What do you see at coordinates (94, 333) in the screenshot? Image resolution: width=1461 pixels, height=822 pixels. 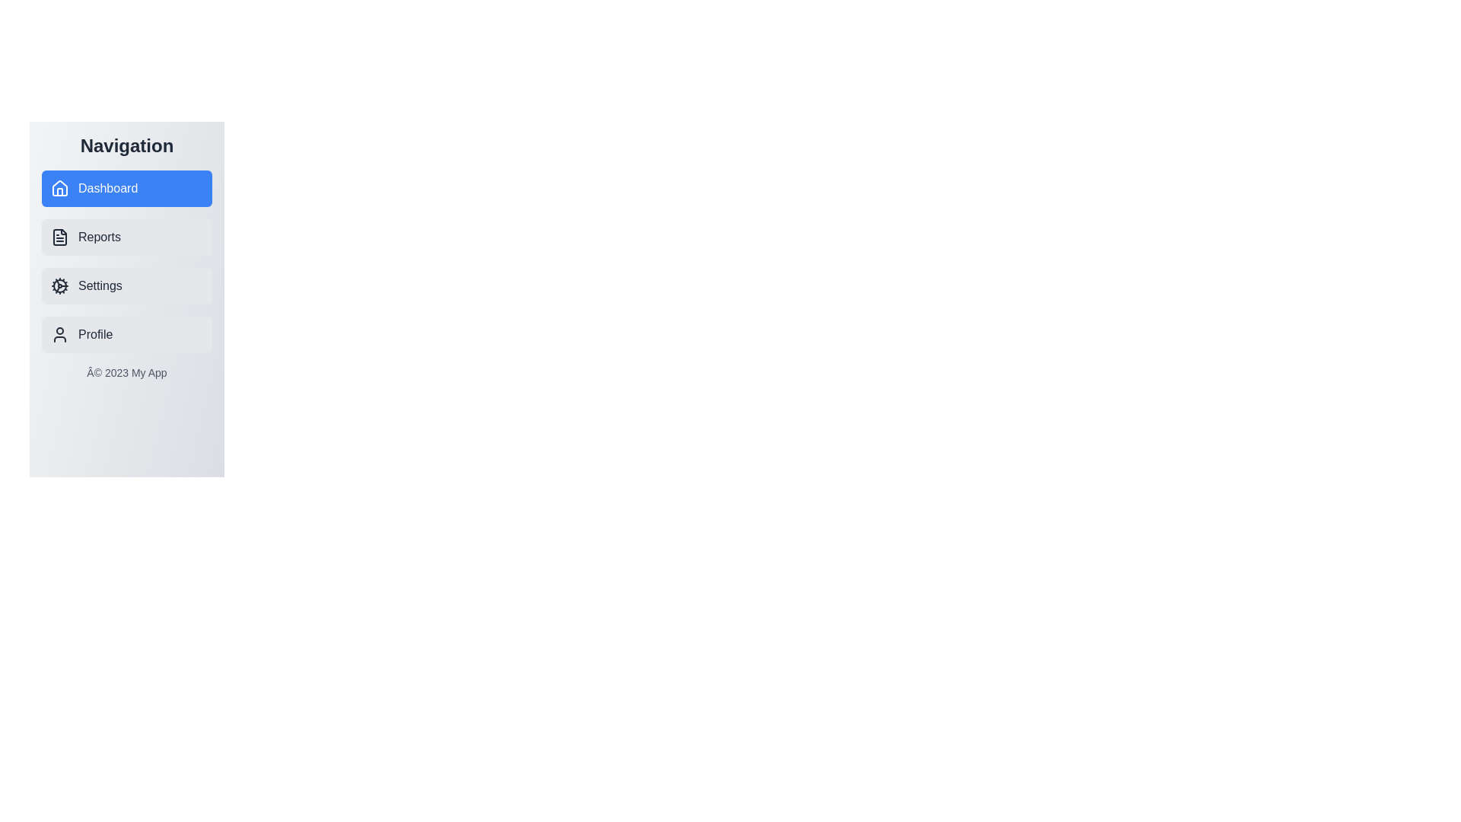 I see `the 'Profile' text label located inside the light-gray rounded rectangular button in the navigation menu, which is the fourth item under 'Navigation.'` at bounding box center [94, 333].